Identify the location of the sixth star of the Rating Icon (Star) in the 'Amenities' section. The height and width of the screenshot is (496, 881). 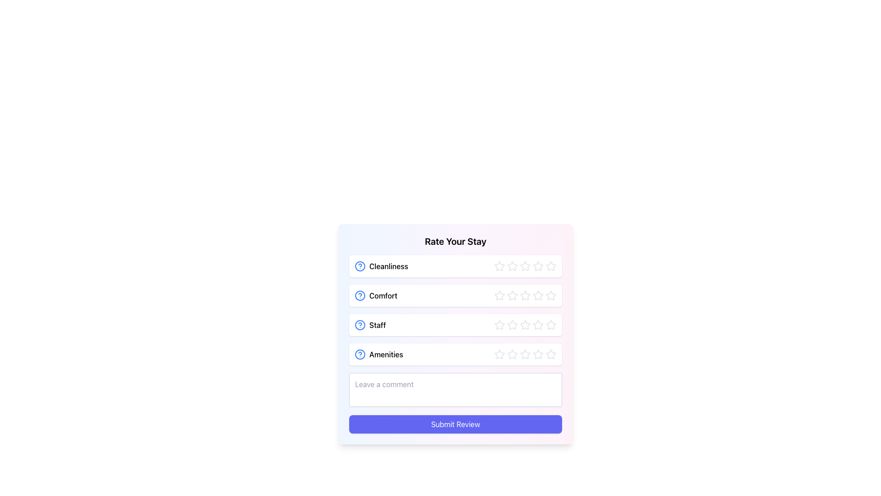
(538, 354).